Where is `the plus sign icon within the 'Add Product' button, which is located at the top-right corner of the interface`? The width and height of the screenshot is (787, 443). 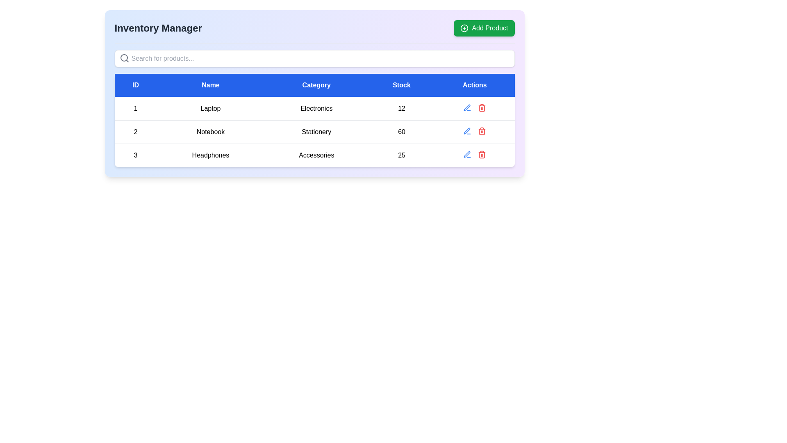 the plus sign icon within the 'Add Product' button, which is located at the top-right corner of the interface is located at coordinates (464, 28).